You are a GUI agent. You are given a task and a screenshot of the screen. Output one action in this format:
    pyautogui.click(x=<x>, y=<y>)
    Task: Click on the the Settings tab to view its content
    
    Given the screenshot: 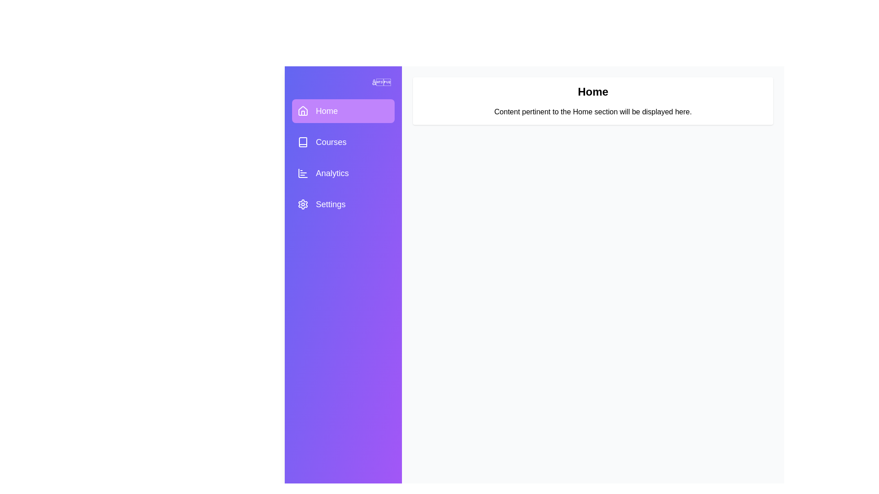 What is the action you would take?
    pyautogui.click(x=342, y=204)
    